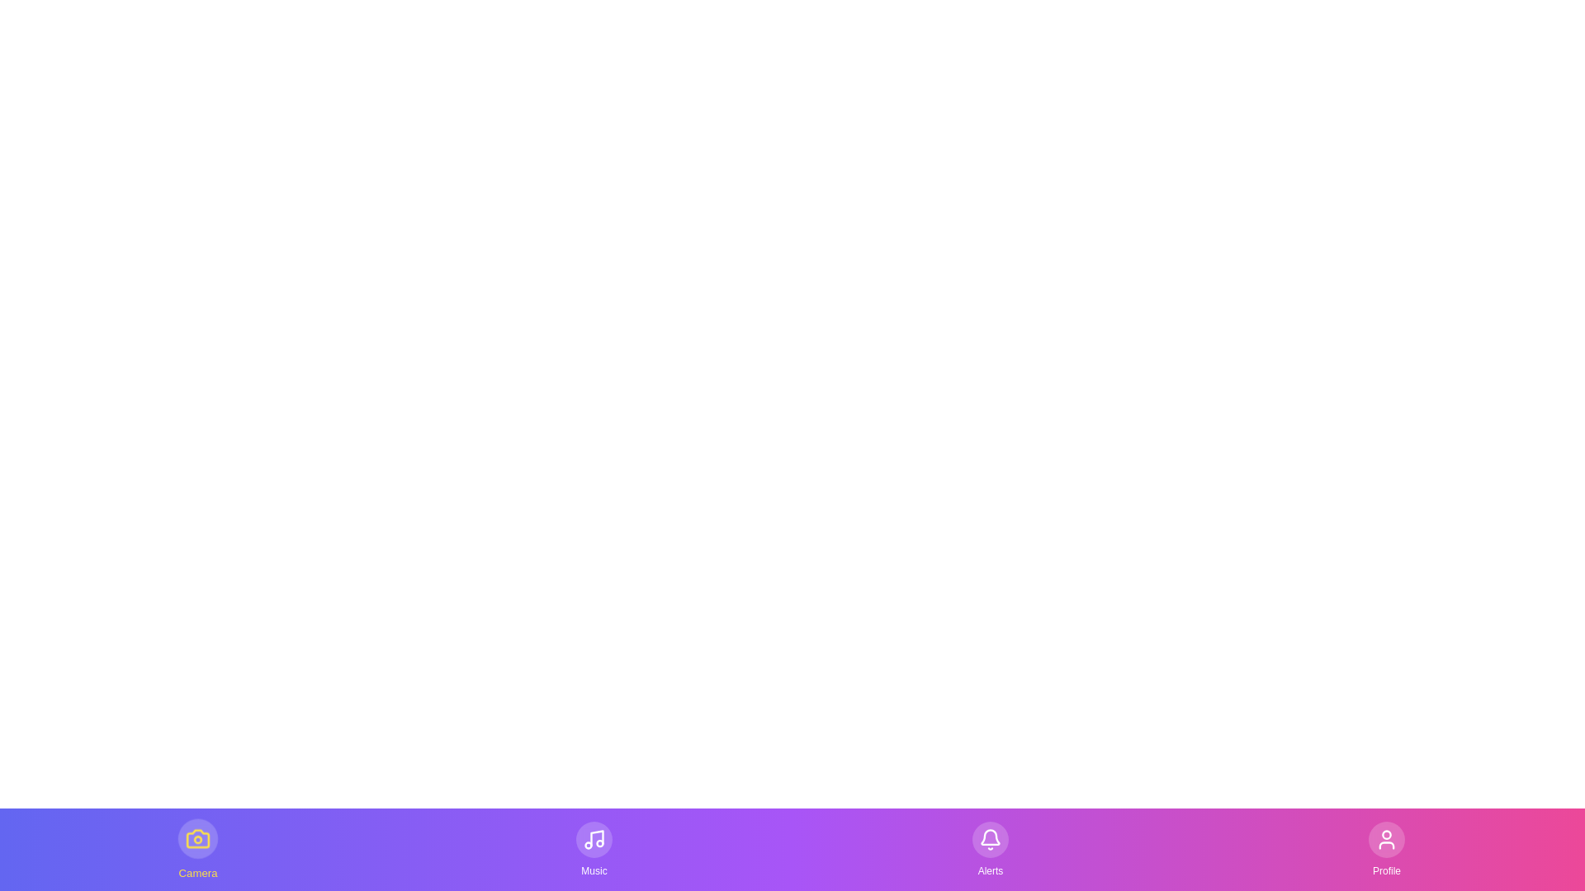 The image size is (1585, 891). I want to click on the Camera tab to observe its hover effect, so click(198, 849).